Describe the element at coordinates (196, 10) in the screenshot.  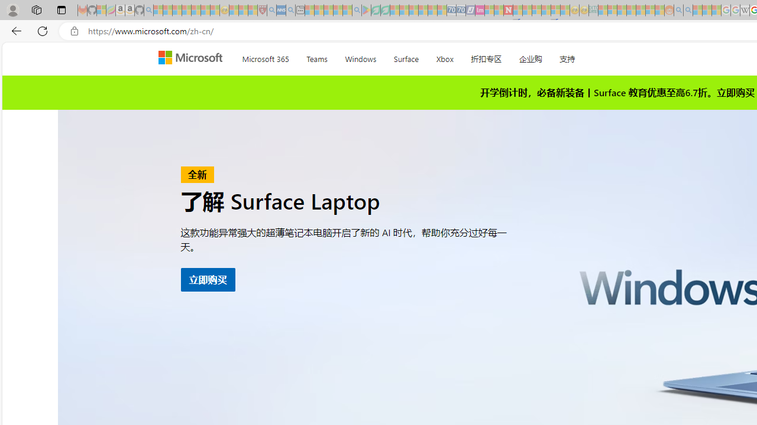
I see `'New Report Confirms 2023 Was Record Hot | Watch - Sleeping'` at that location.